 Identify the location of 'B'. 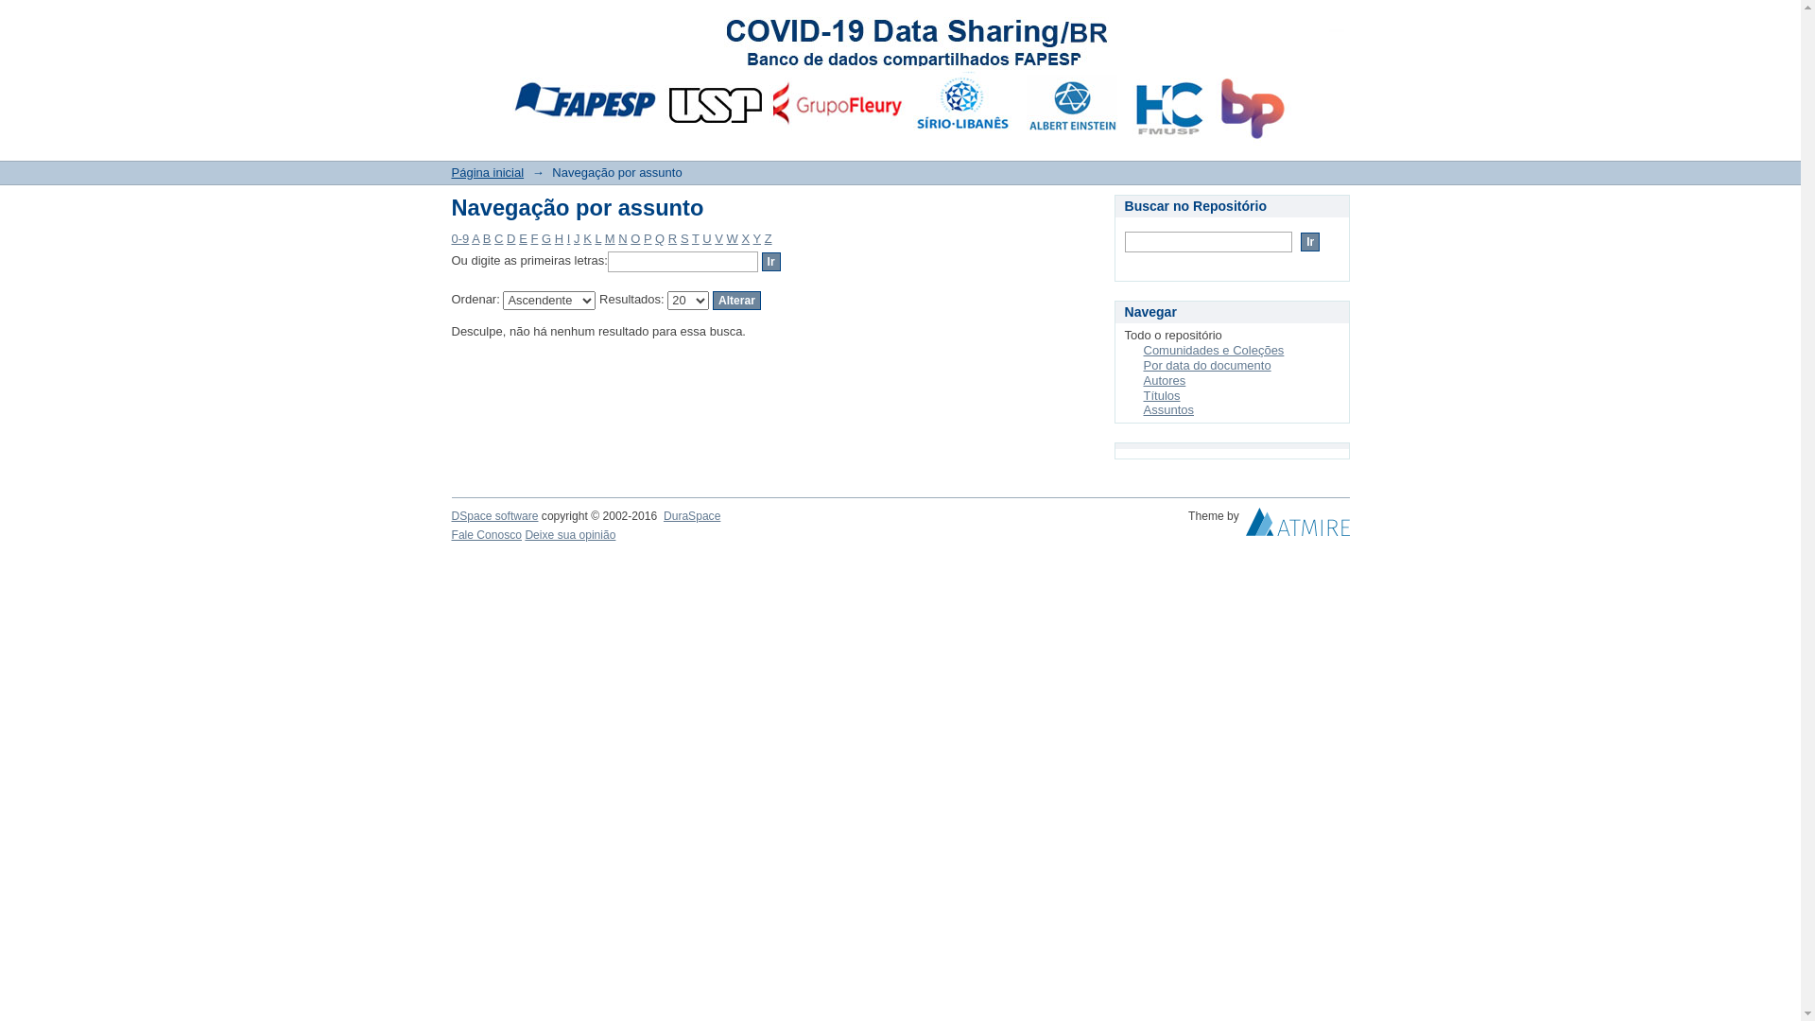
(487, 237).